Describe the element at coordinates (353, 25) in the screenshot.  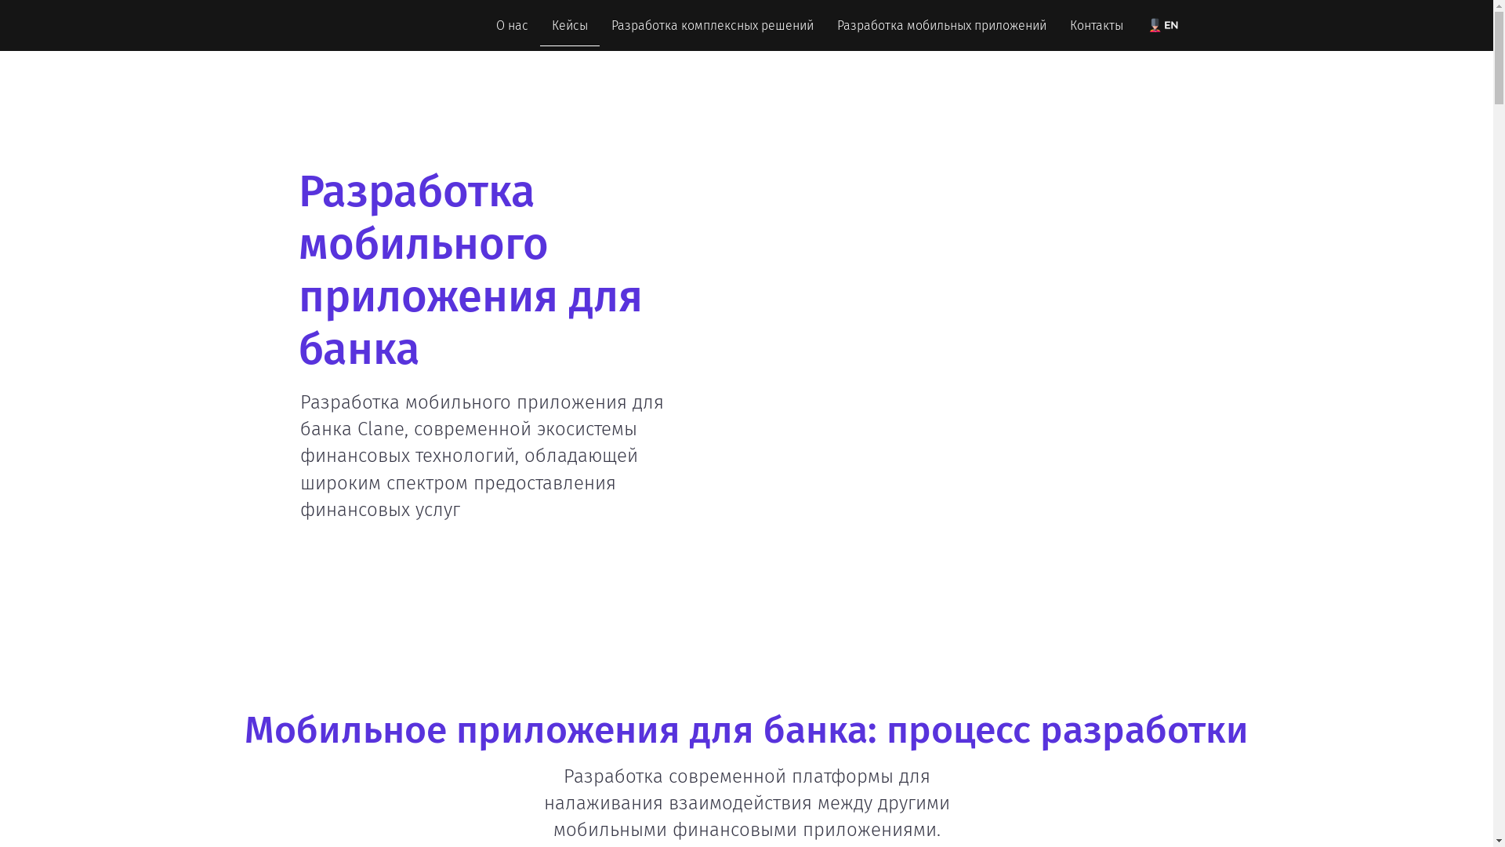
I see `'Tapston'` at that location.